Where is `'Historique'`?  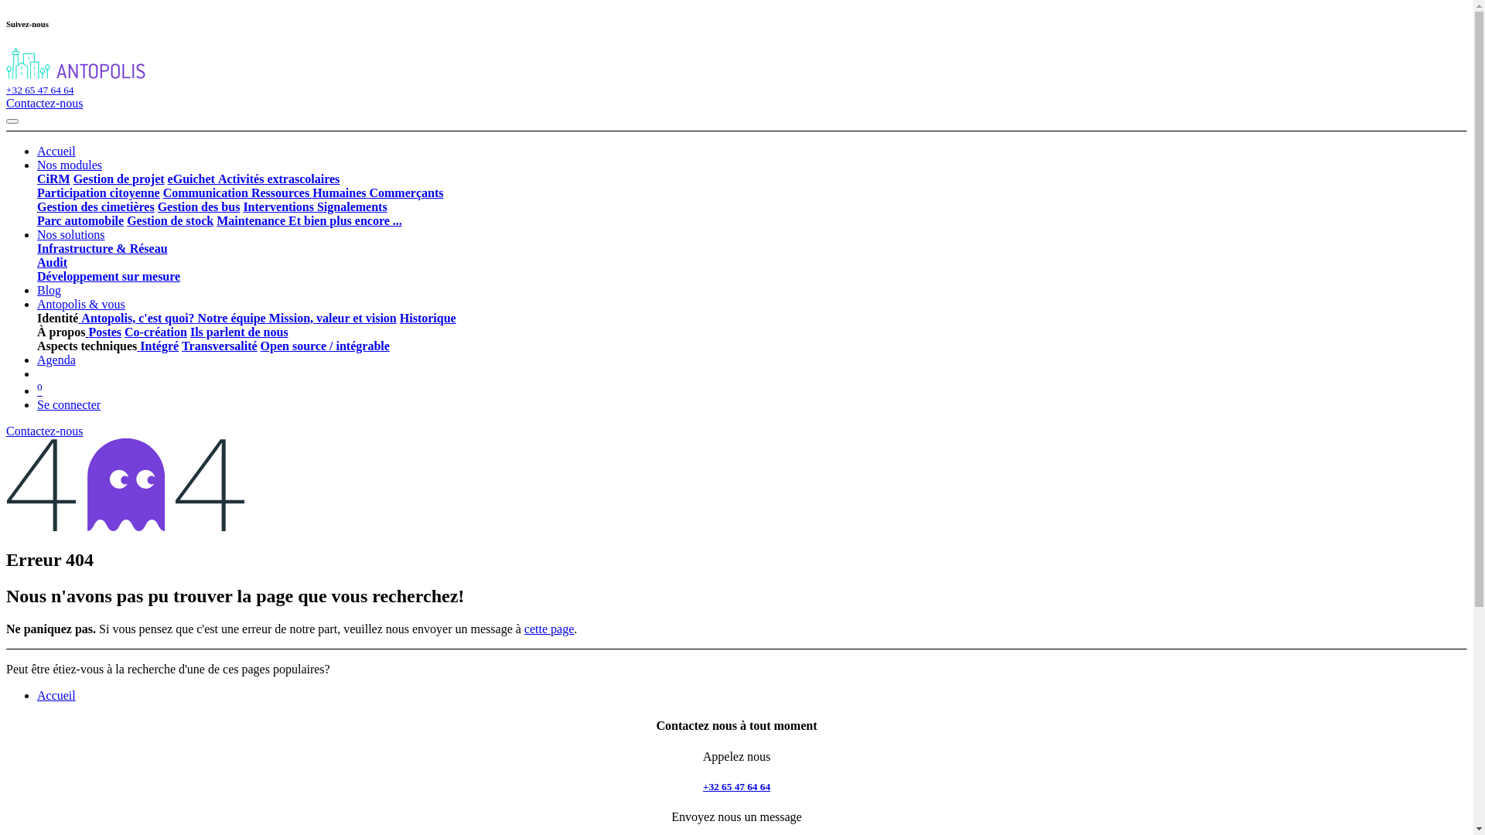 'Historique' is located at coordinates (428, 317).